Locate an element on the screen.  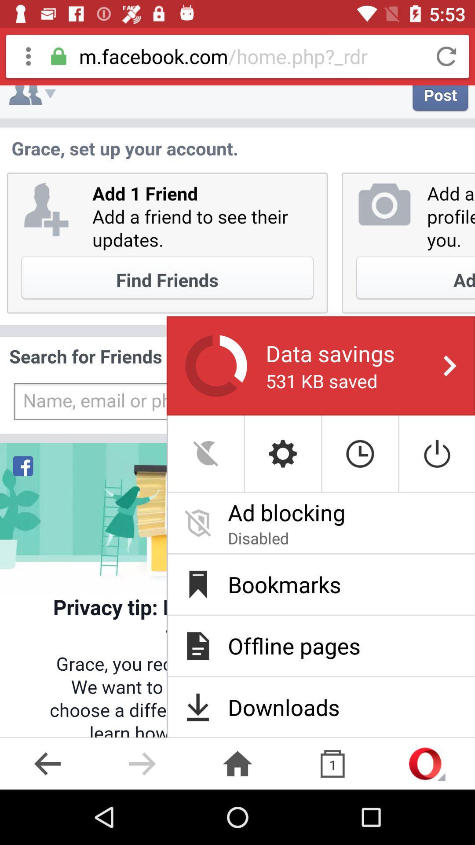
the power icon is located at coordinates (437, 453).